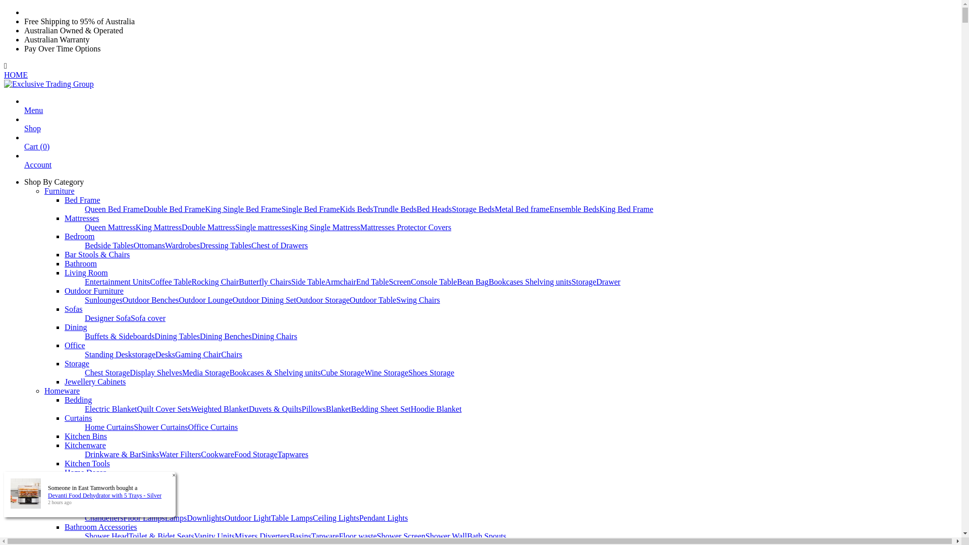 The image size is (969, 545). Describe the element at coordinates (160, 427) in the screenshot. I see `'Shower Curtains'` at that location.